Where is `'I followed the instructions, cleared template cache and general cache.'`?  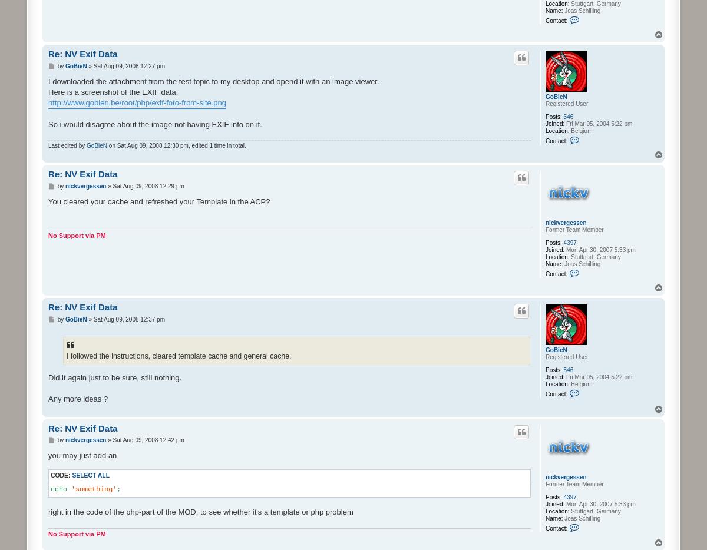
'I followed the instructions, cleared template cache and general cache.' is located at coordinates (179, 356).